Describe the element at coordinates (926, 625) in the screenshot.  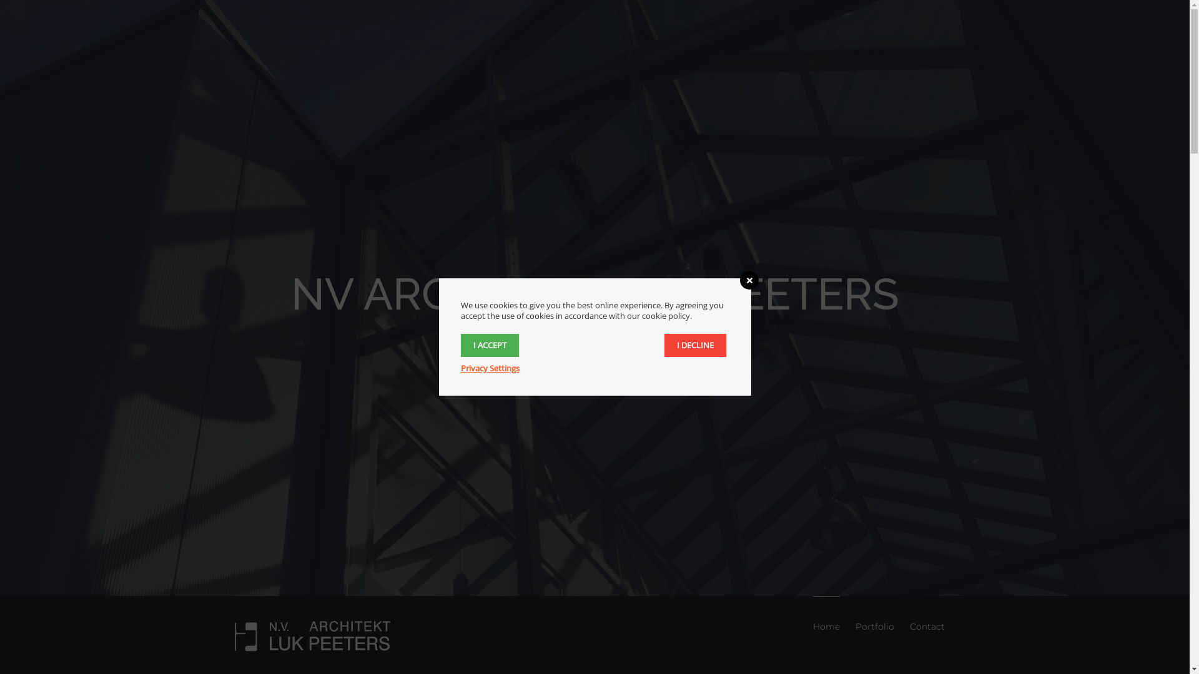
I see `'Contact'` at that location.